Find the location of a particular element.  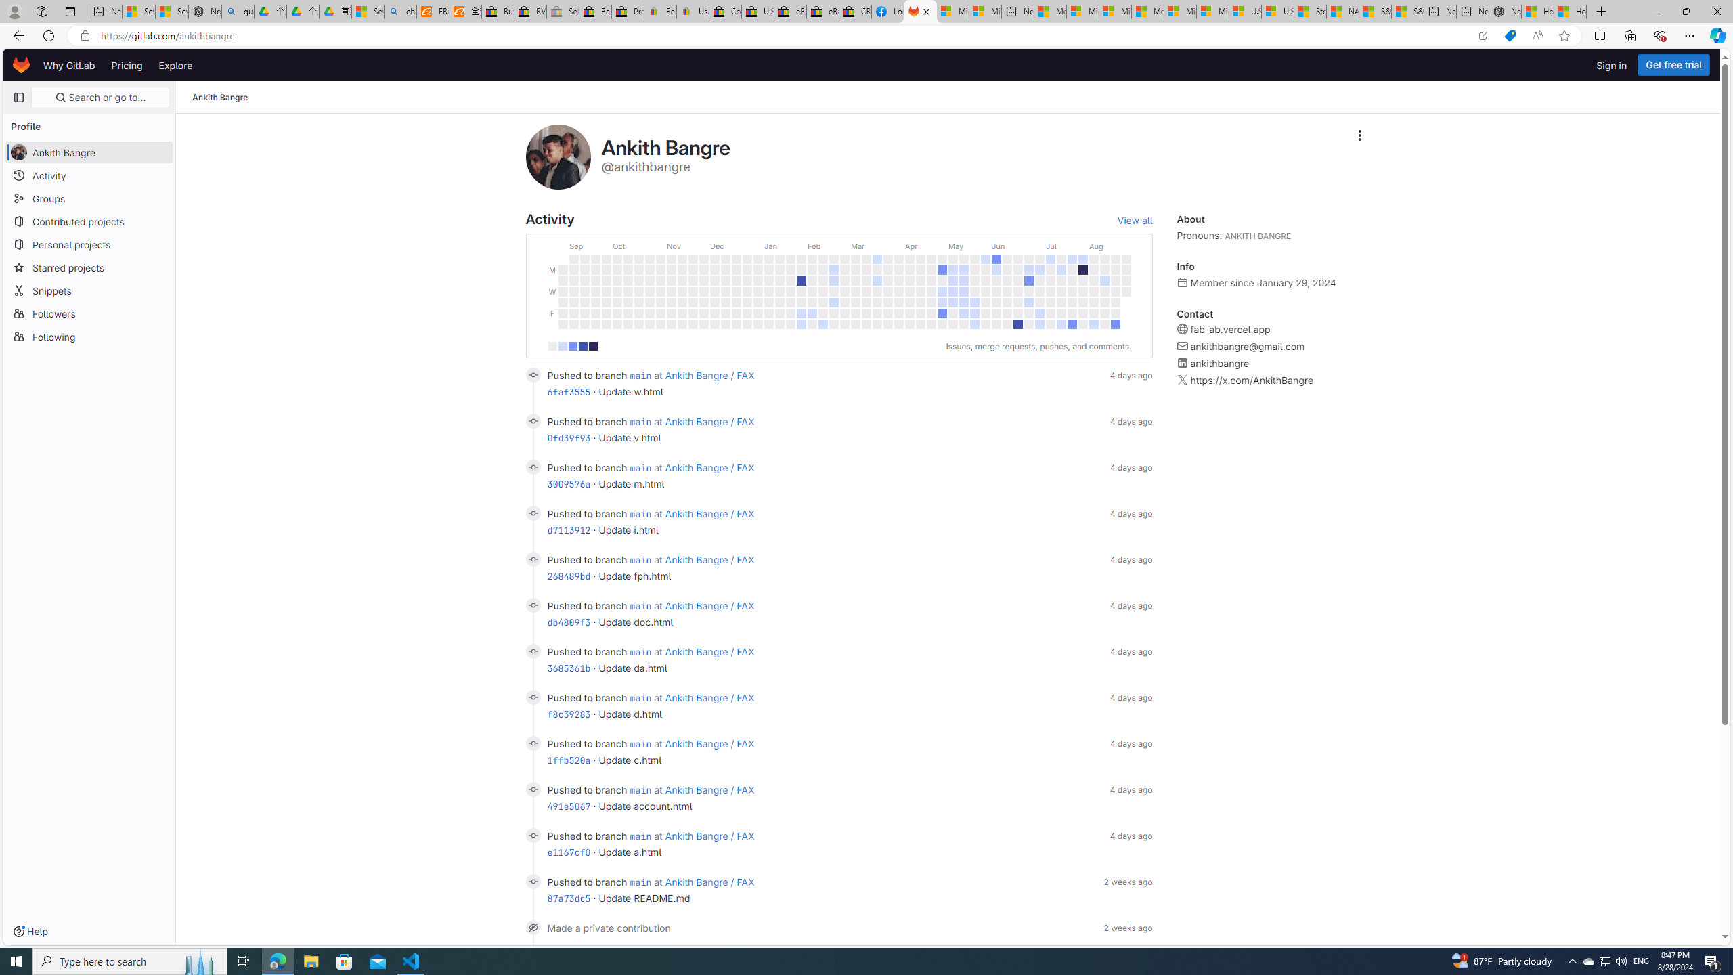

'Baby Keepsakes & Announcements for sale | eBay' is located at coordinates (595, 11).